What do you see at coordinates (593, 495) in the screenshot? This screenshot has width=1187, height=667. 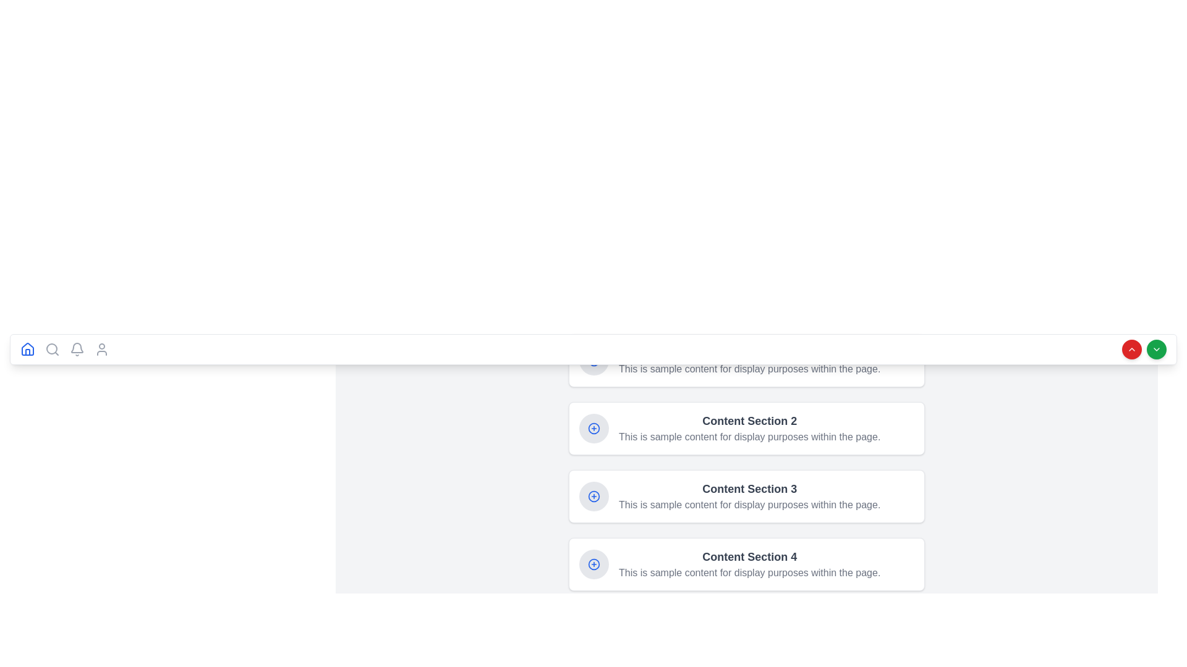 I see `the plus icon button located within a gray circular background, aligned to the left of the 'Content Section 3' text` at bounding box center [593, 495].